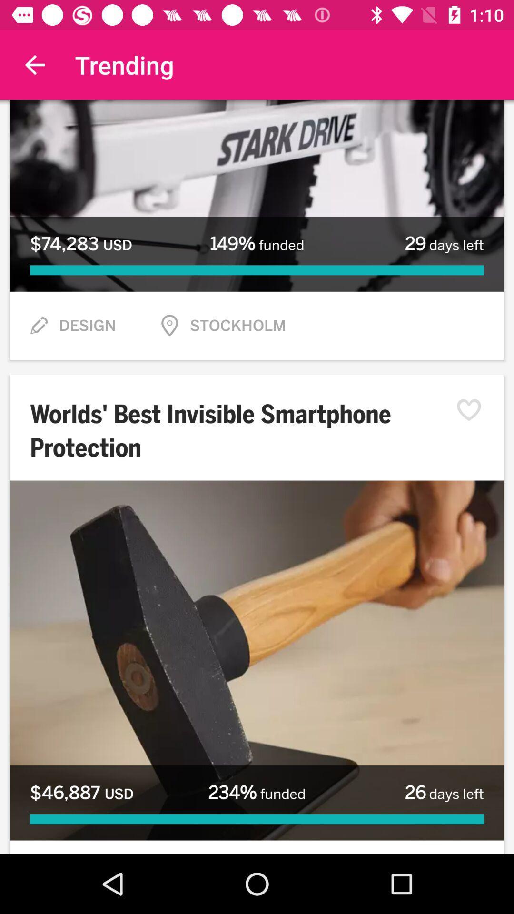  I want to click on the item next to the trending icon, so click(34, 64).